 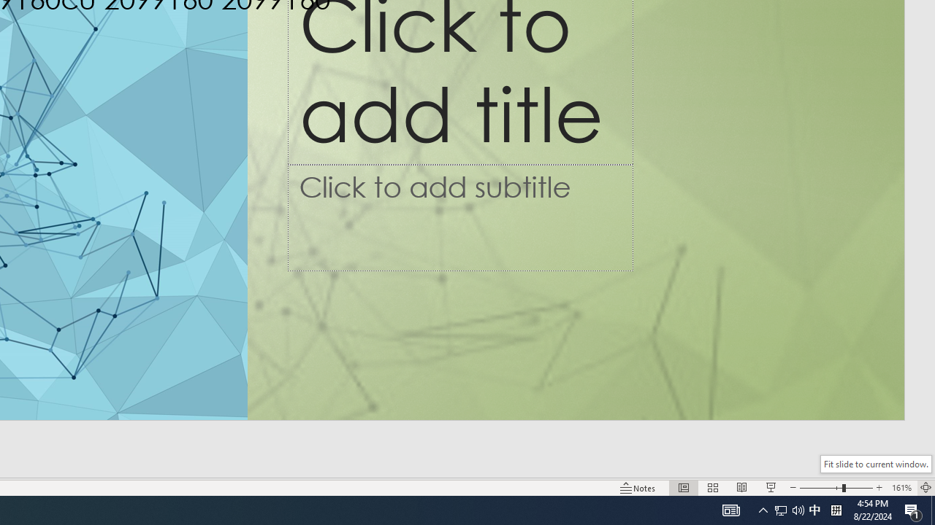 I want to click on 'Zoom 161%', so click(x=901, y=488).